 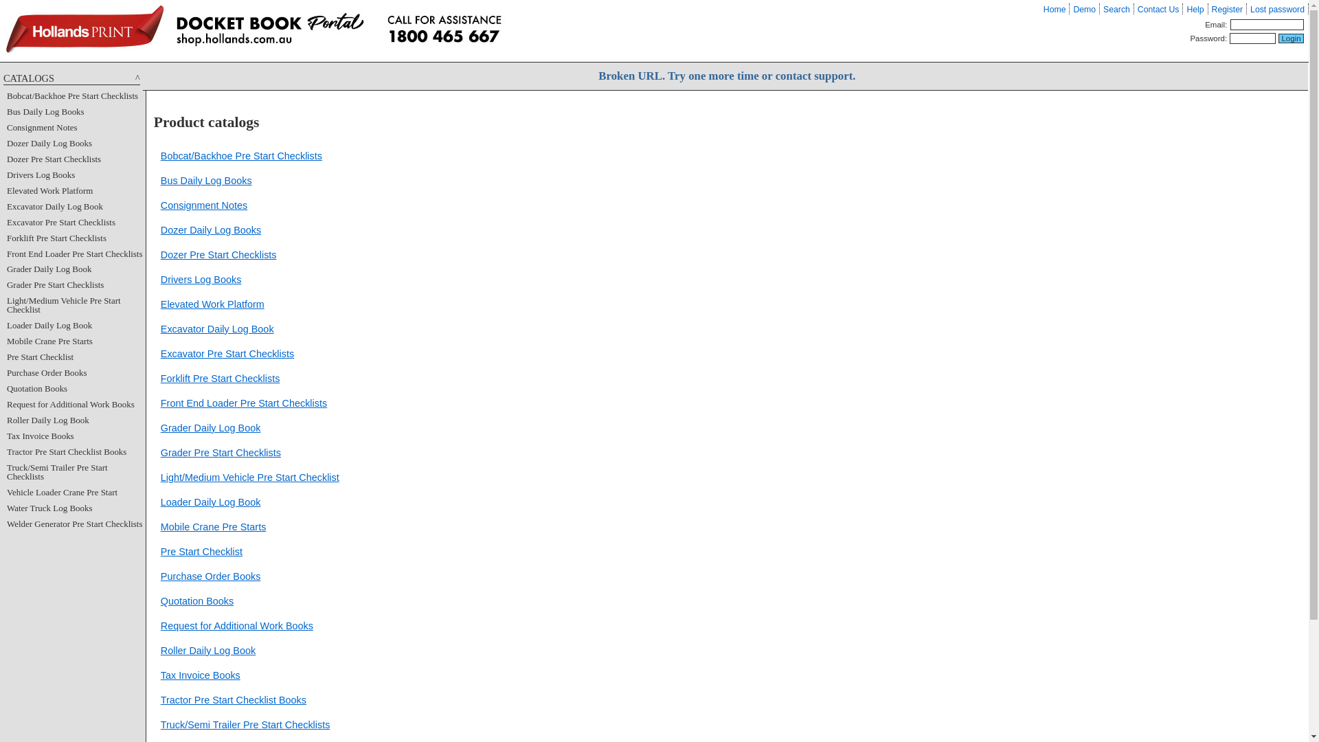 What do you see at coordinates (3, 79) in the screenshot?
I see `'^` at bounding box center [3, 79].